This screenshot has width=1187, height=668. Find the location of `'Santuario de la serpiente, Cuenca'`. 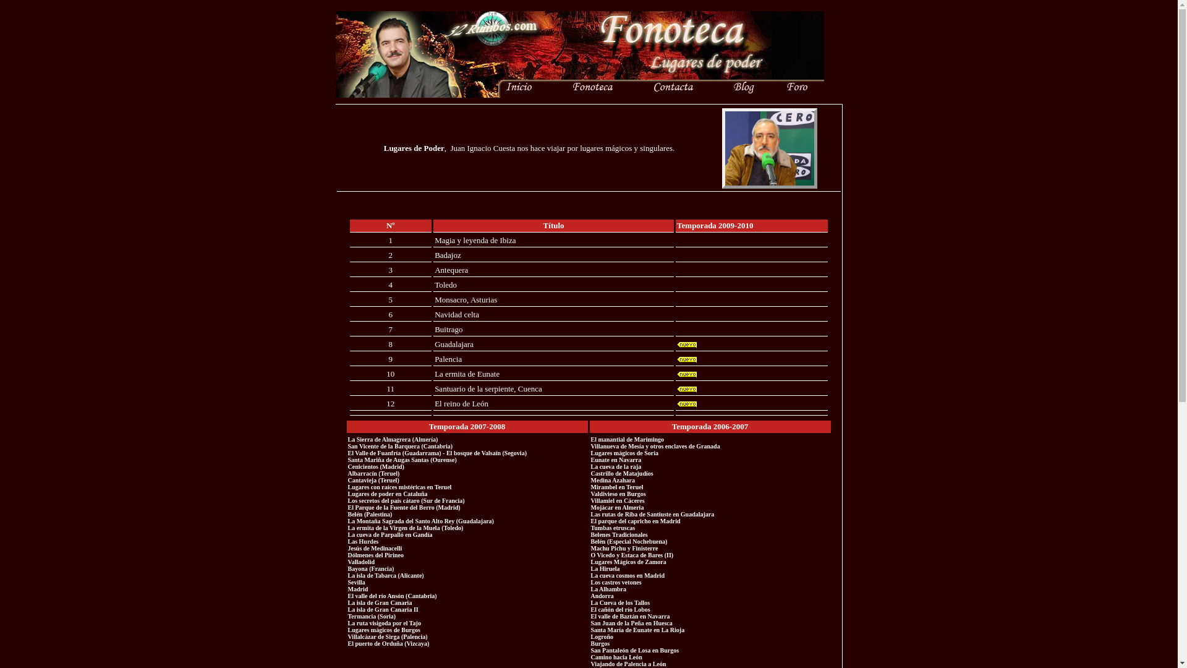

'Santuario de la serpiente, Cuenca' is located at coordinates (488, 388).